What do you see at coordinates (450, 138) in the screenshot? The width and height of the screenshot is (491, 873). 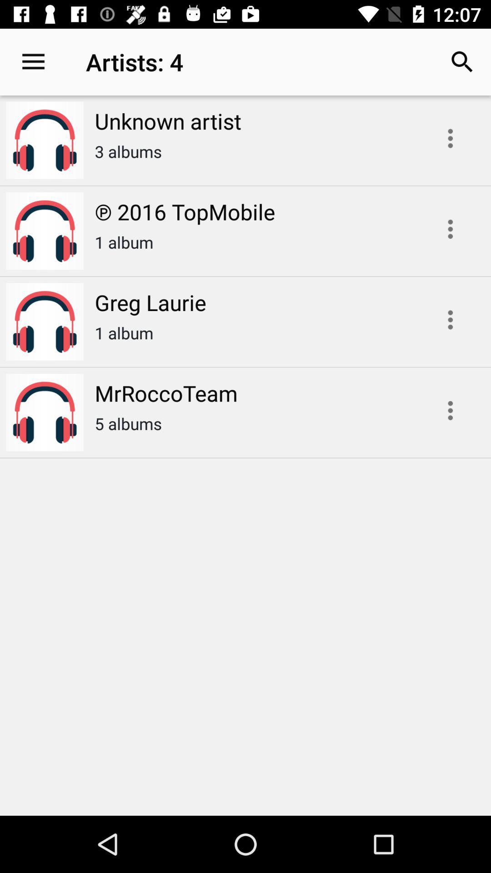 I see `edit artist options` at bounding box center [450, 138].